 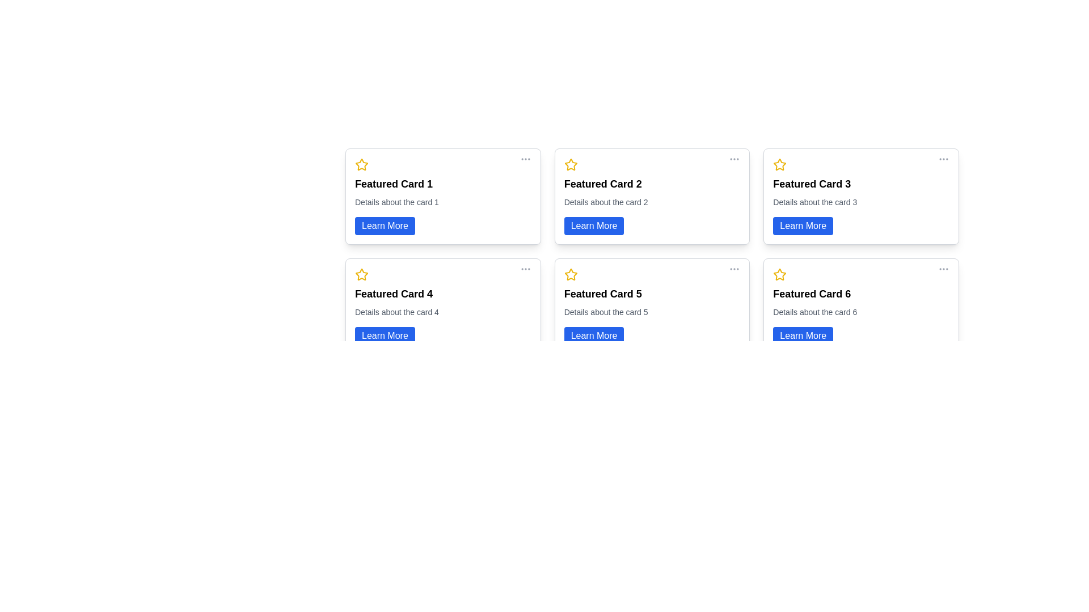 What do you see at coordinates (605, 312) in the screenshot?
I see `the static text content within the 'Featured Card 5' located in the second row, third column of the card grid, which is positioned below the title text and above the 'Learn More' button` at bounding box center [605, 312].